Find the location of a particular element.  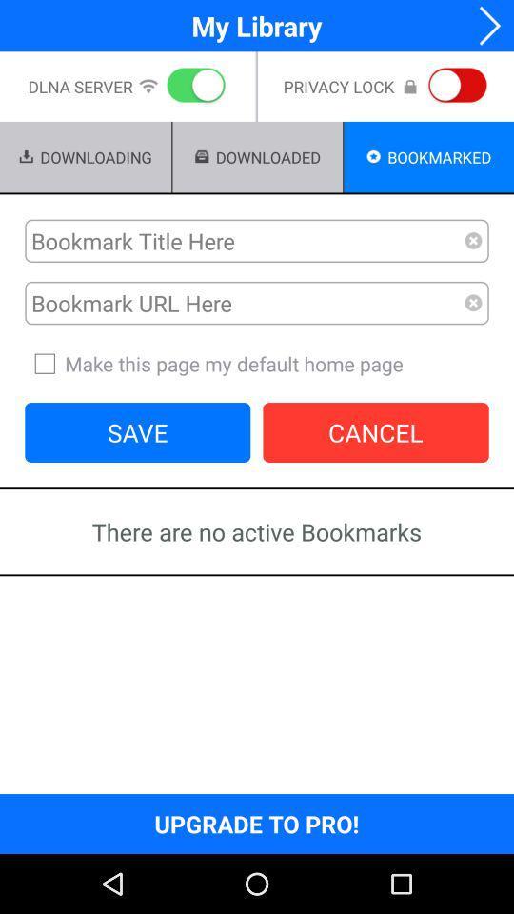

bookmark title box is located at coordinates (245, 240).